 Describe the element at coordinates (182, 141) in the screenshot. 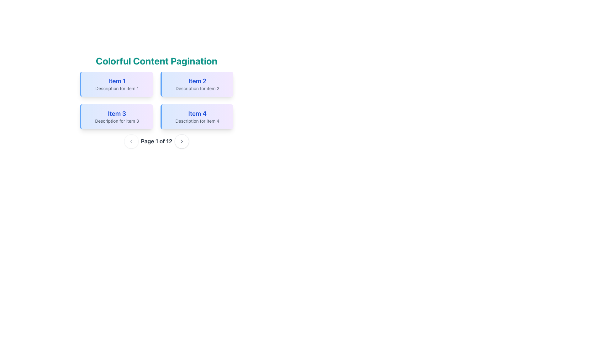

I see `the circular button with a right-pointing chevron icon located to the right of 'Page 1 of 12' to activate styling changes` at that location.